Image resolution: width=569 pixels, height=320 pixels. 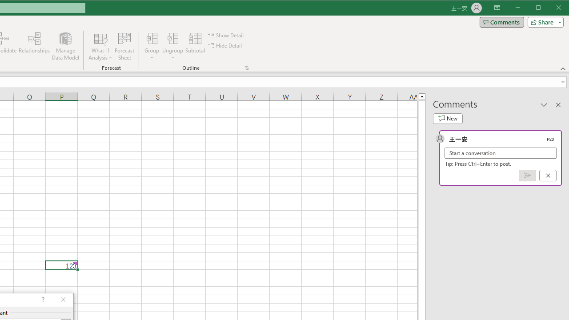 What do you see at coordinates (173, 38) in the screenshot?
I see `'Ungroup...'` at bounding box center [173, 38].